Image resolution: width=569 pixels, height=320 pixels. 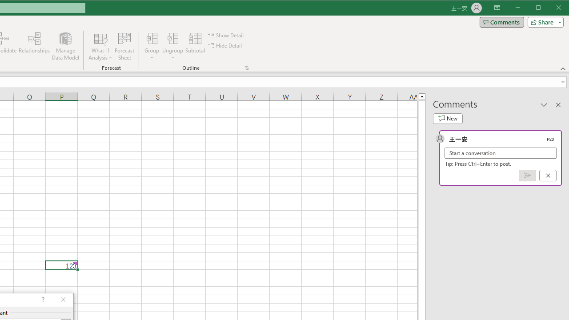 What do you see at coordinates (173, 38) in the screenshot?
I see `'Ungroup...'` at bounding box center [173, 38].